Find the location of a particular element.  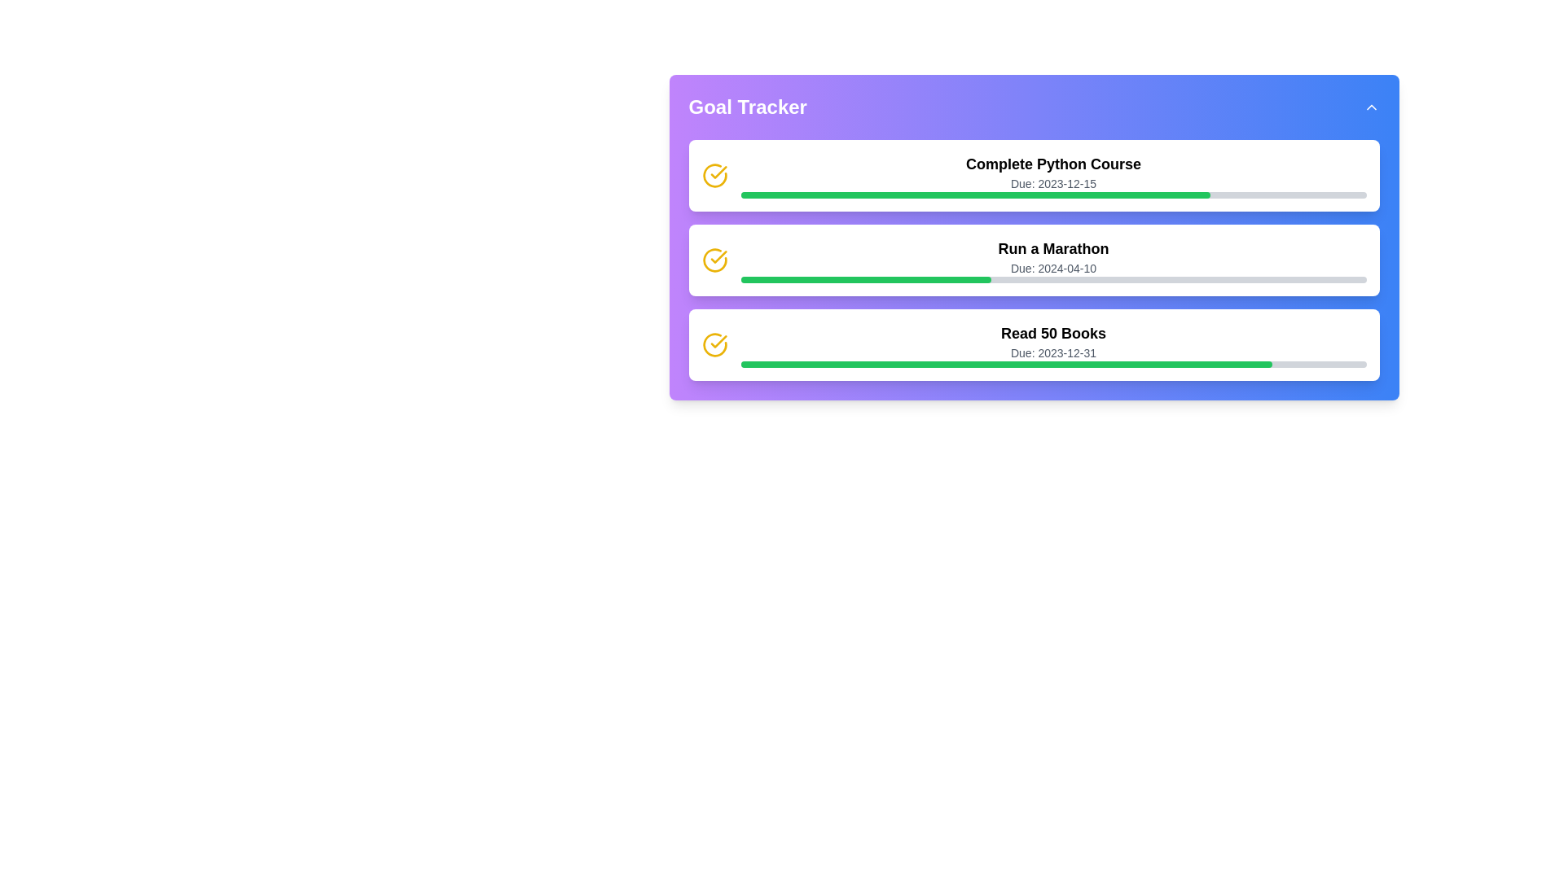

the task completion icon located in the top-left corner of the 'Complete Python Course' goal list item, which is visually represented by a circular icon is located at coordinates (718, 256).